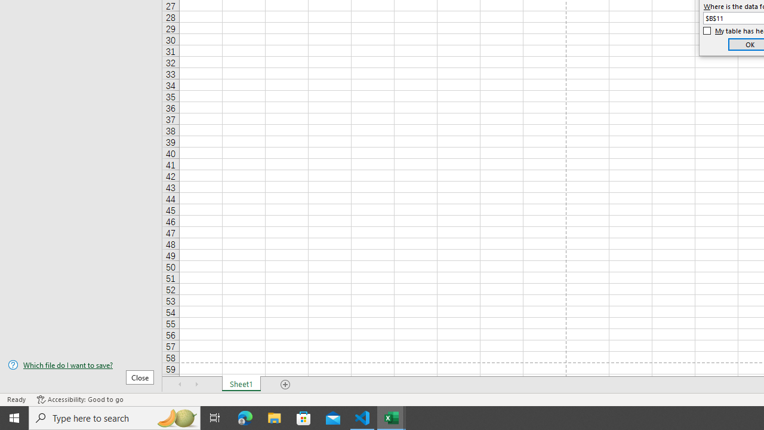 The width and height of the screenshot is (764, 430). I want to click on 'Accessibility Checker Accessibility: Good to go', so click(79, 400).